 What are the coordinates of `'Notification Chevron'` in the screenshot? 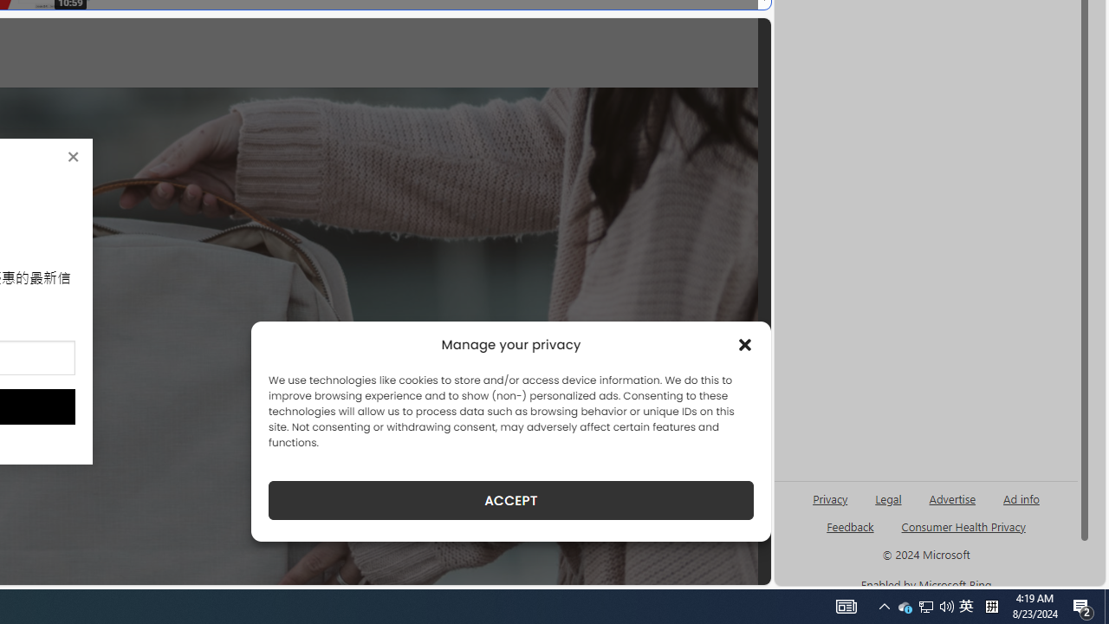 It's located at (884, 605).